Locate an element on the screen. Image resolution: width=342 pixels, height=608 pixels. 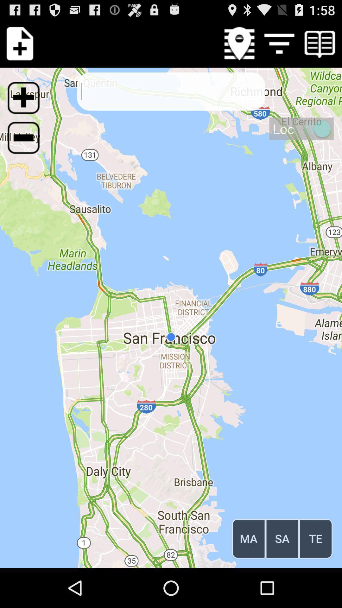
icon below the  loc icon is located at coordinates (316, 538).